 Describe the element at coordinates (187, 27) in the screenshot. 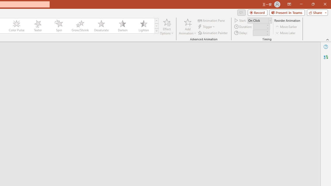

I see `'Add Animation'` at that location.